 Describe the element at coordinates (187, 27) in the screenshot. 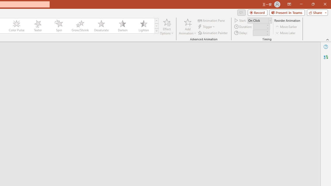

I see `'Add Animation'` at that location.